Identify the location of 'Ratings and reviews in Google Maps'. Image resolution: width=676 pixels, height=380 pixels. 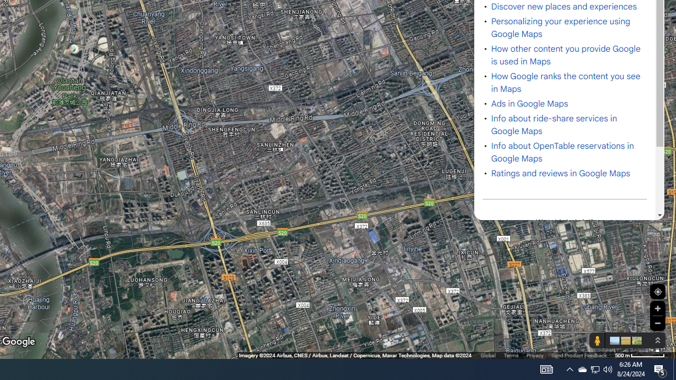
(560, 173).